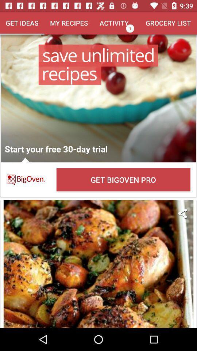 The width and height of the screenshot is (197, 351). What do you see at coordinates (98, 264) in the screenshot?
I see `the recipe` at bounding box center [98, 264].